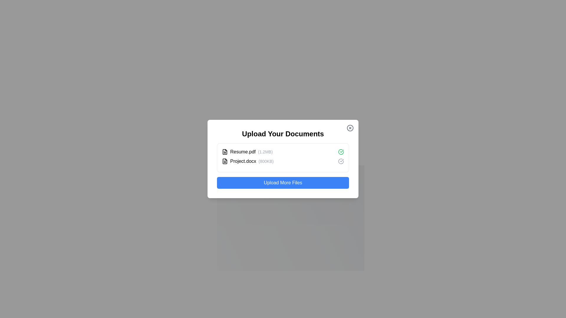 This screenshot has width=566, height=318. What do you see at coordinates (341, 161) in the screenshot?
I see `the circular icon with a gray border and a checkmark inside, which represents a confirmation indicator, located in the last column of the second row in the modal dialog aligned with 'Project.docx (800KB)'` at bounding box center [341, 161].